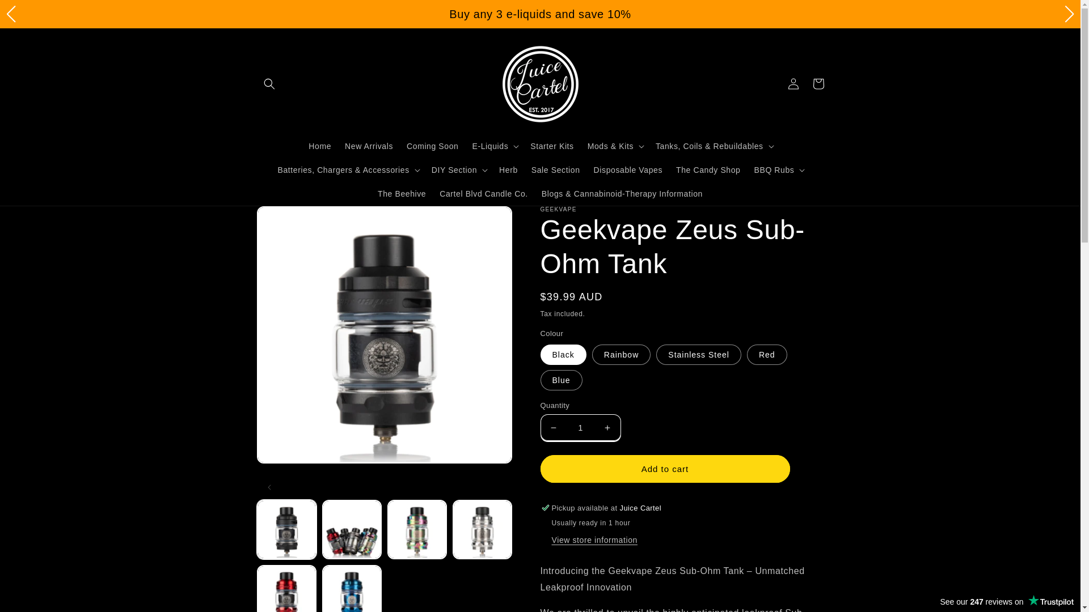  What do you see at coordinates (369, 145) in the screenshot?
I see `'New Arrivals'` at bounding box center [369, 145].